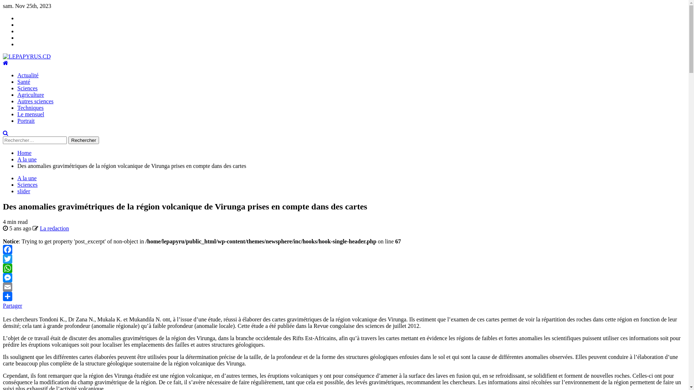  Describe the element at coordinates (17, 101) in the screenshot. I see `'Autres sciences'` at that location.